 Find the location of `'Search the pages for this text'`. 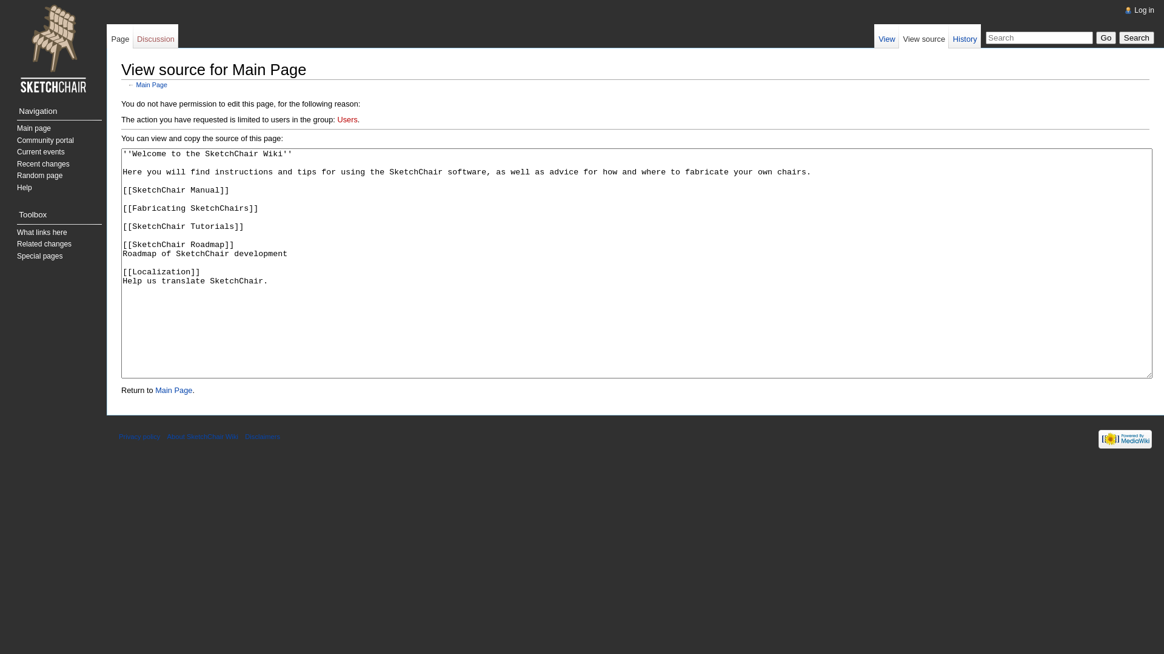

'Search the pages for this text' is located at coordinates (1136, 37).